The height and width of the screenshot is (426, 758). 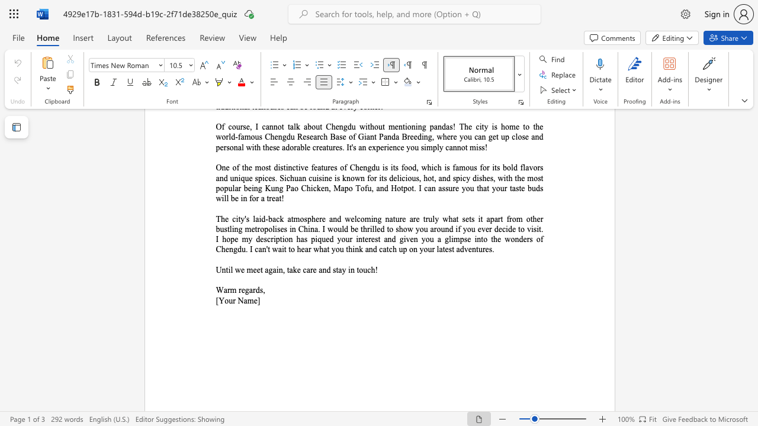 What do you see at coordinates (243, 300) in the screenshot?
I see `the subset text "am" within the text "[Your Name]"` at bounding box center [243, 300].